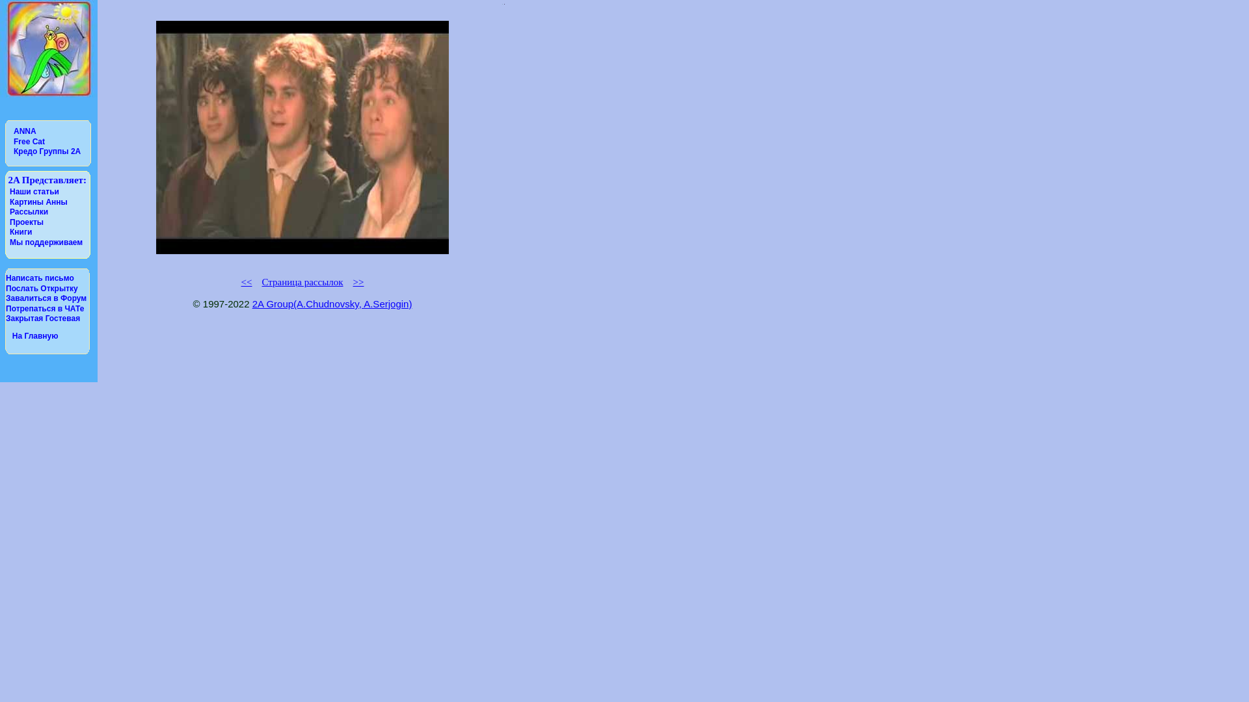 This screenshot has height=702, width=1249. What do you see at coordinates (358, 281) in the screenshot?
I see `'>>'` at bounding box center [358, 281].